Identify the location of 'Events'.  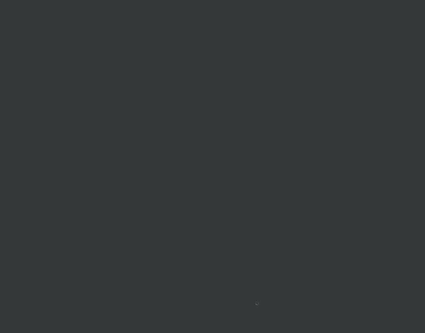
(221, 255).